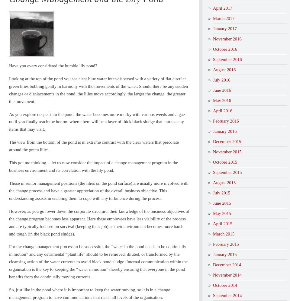 The width and height of the screenshot is (290, 301). I want to click on 'October 2016', so click(224, 49).